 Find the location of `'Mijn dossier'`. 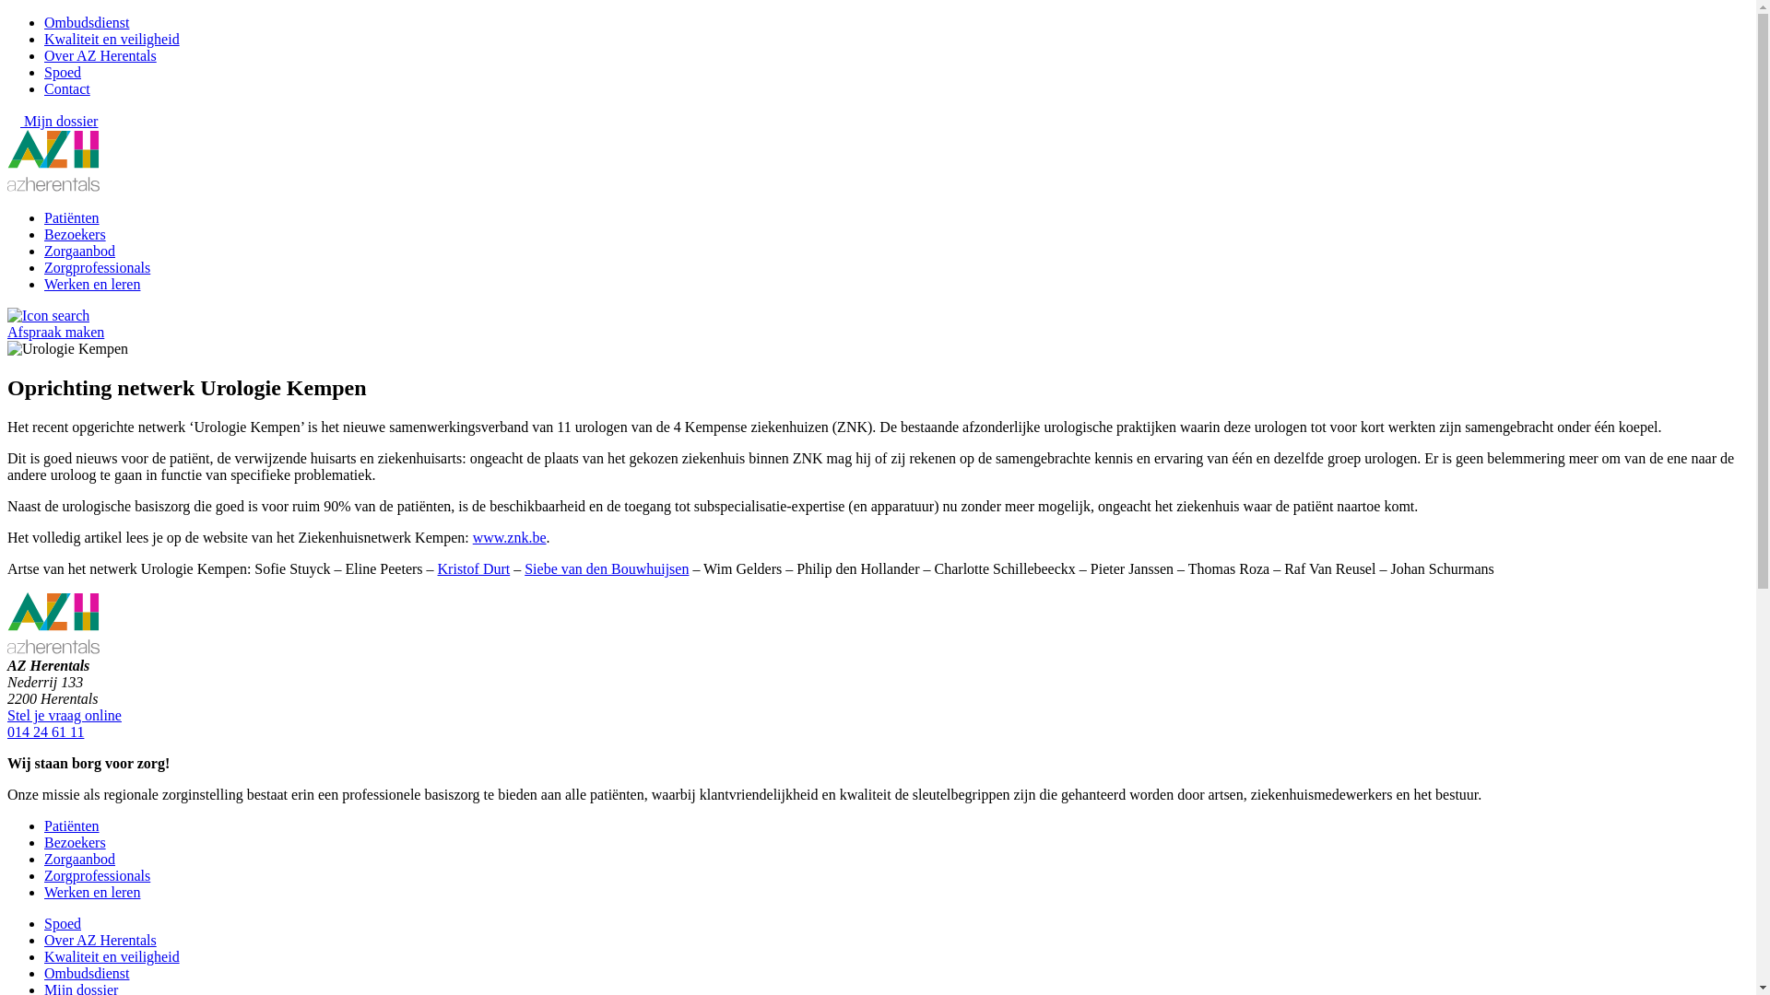

'Mijn dossier' is located at coordinates (7, 121).